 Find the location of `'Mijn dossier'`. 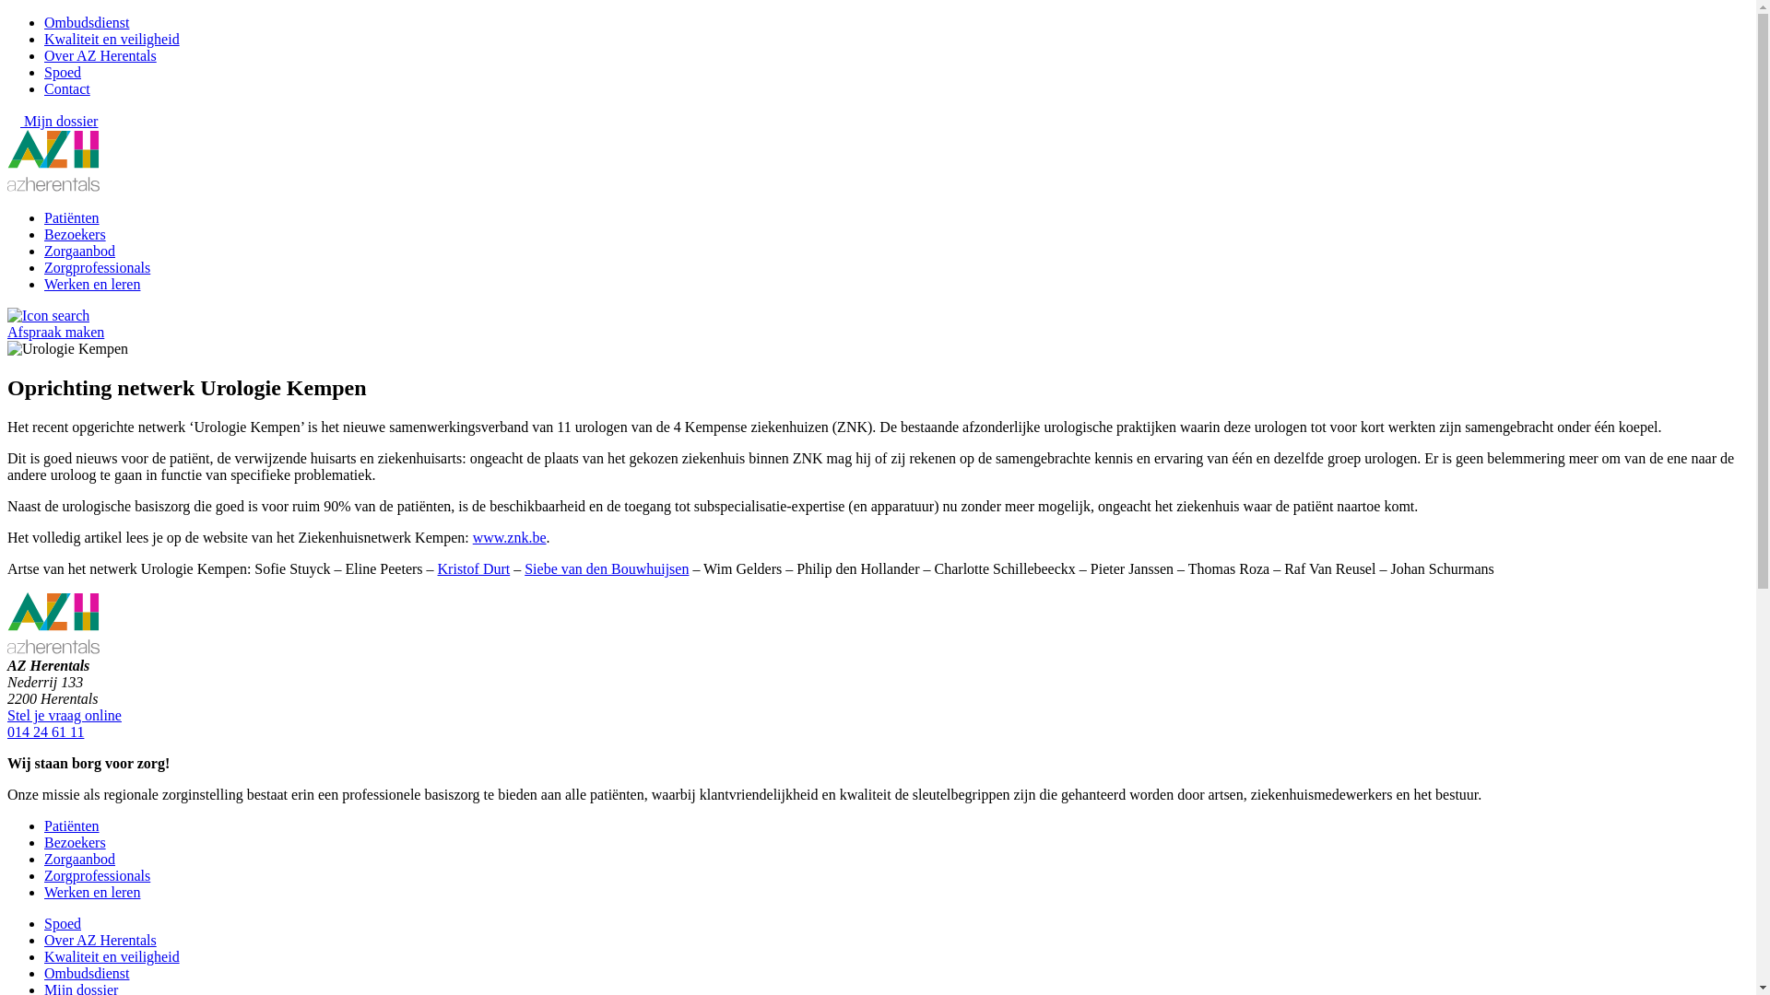

'Mijn dossier' is located at coordinates (7, 121).